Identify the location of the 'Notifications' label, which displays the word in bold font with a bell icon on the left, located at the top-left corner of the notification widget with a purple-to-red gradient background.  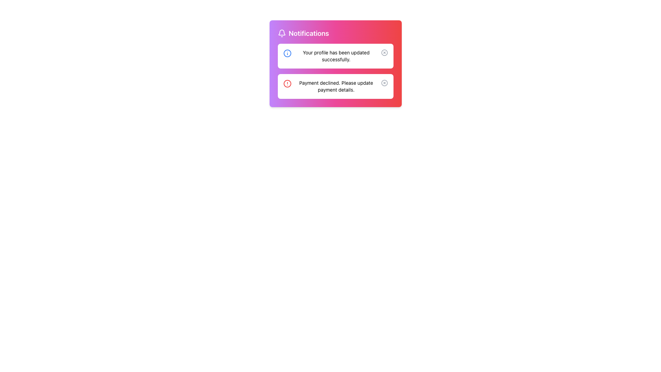
(335, 33).